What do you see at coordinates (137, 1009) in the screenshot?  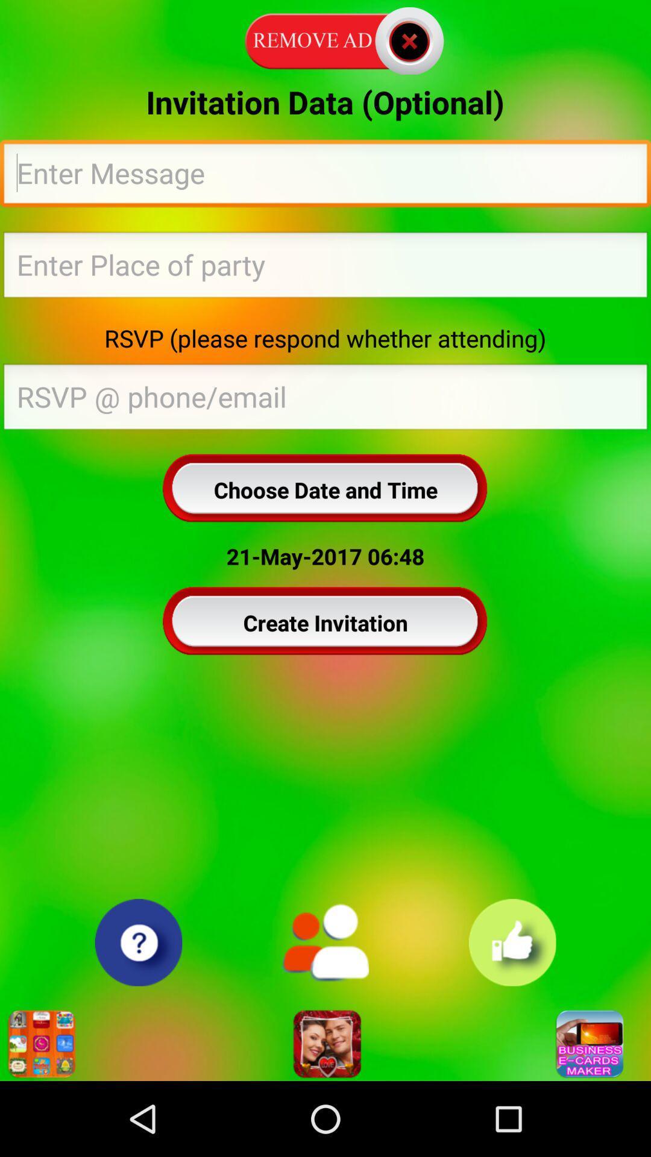 I see `the help icon` at bounding box center [137, 1009].